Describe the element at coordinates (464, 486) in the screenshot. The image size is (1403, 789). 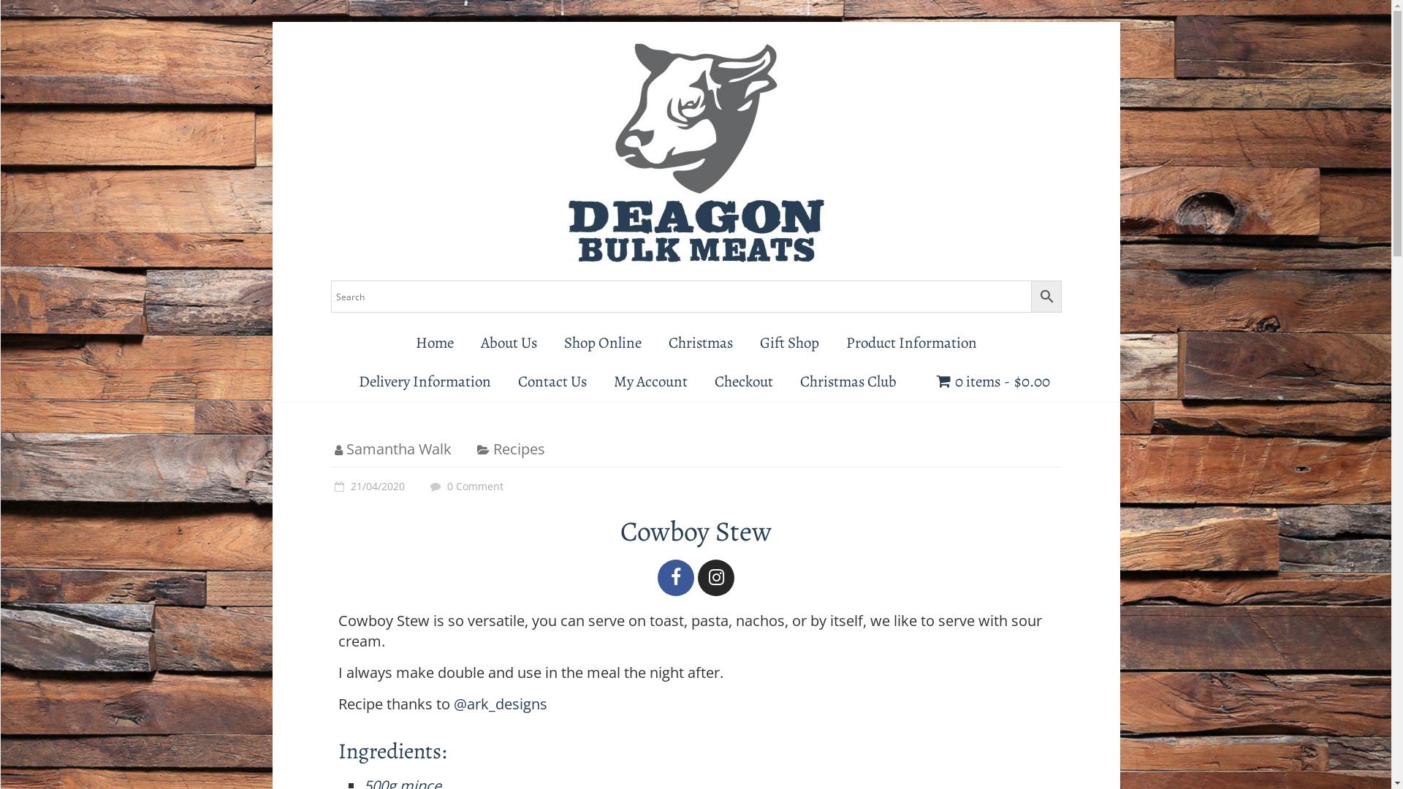
I see `'0 Comment'` at that location.